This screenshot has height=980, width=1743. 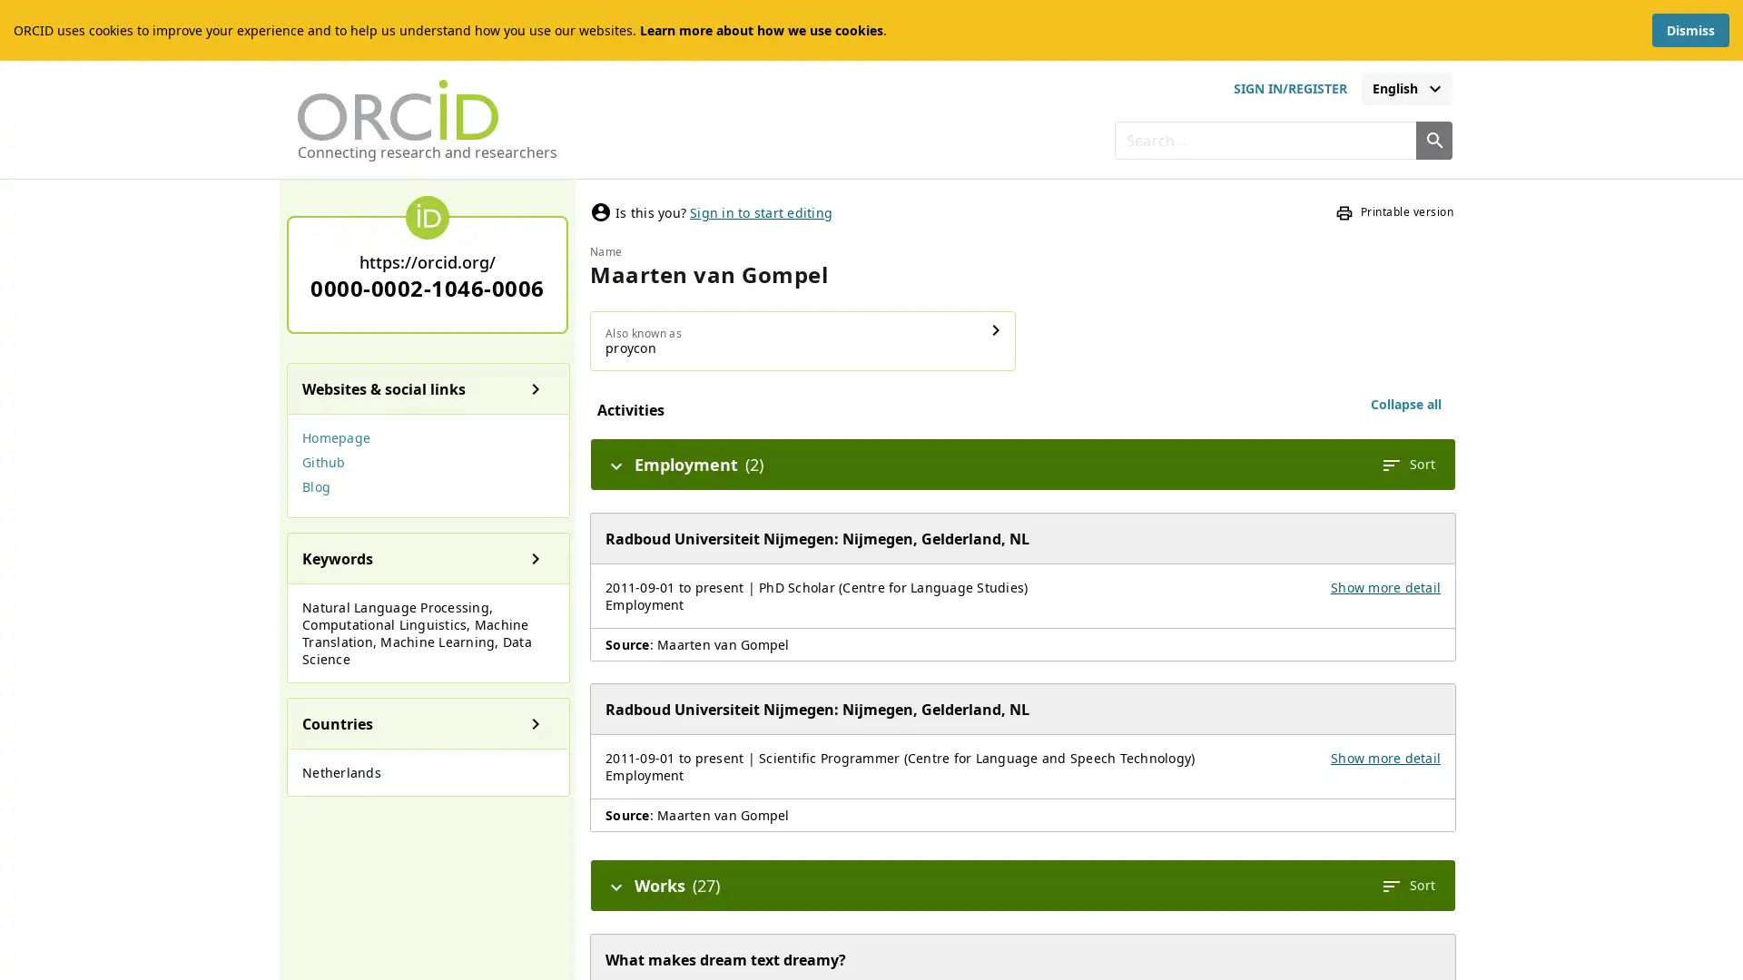 What do you see at coordinates (615, 884) in the screenshot?
I see `Hide details` at bounding box center [615, 884].